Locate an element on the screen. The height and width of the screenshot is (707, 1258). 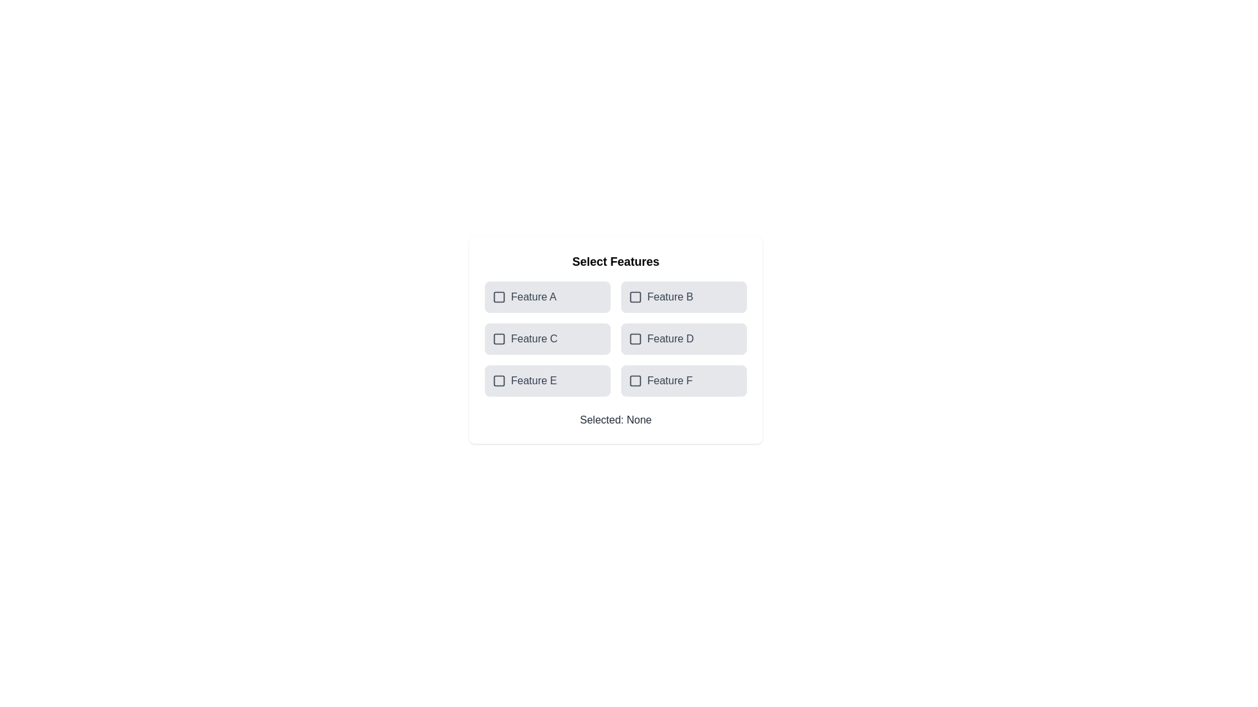
the checkbox labeled 'Feature F' using the keyboard for selection is located at coordinates (683, 381).